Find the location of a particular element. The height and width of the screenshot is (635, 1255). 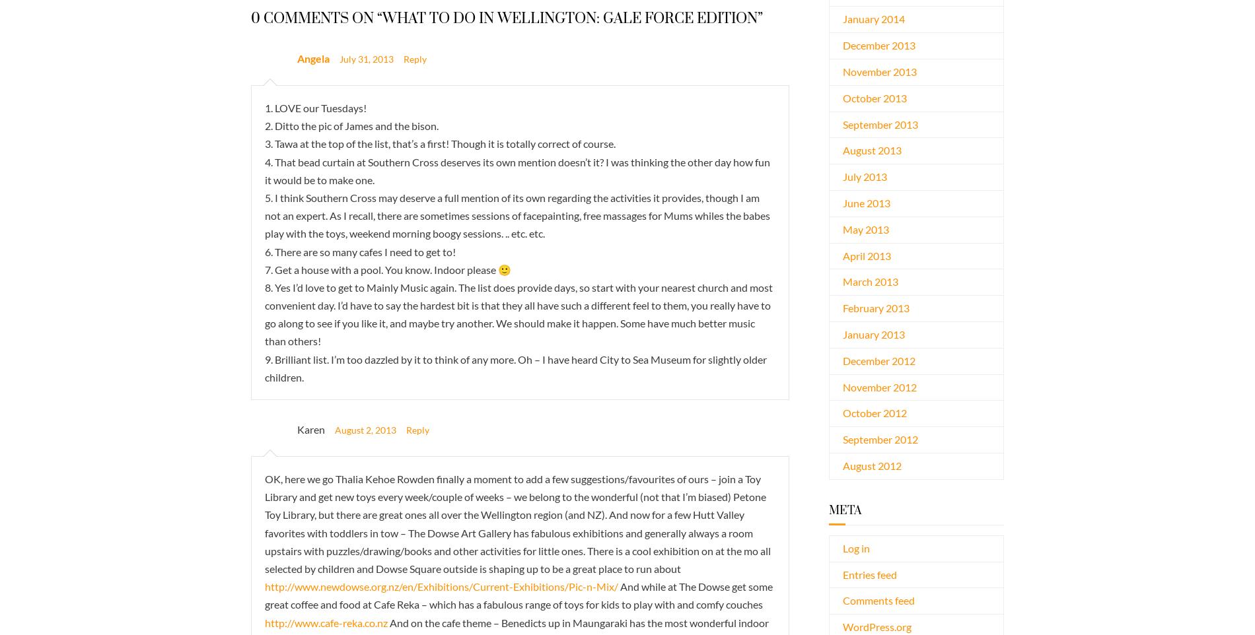

'July 2013' is located at coordinates (864, 176).